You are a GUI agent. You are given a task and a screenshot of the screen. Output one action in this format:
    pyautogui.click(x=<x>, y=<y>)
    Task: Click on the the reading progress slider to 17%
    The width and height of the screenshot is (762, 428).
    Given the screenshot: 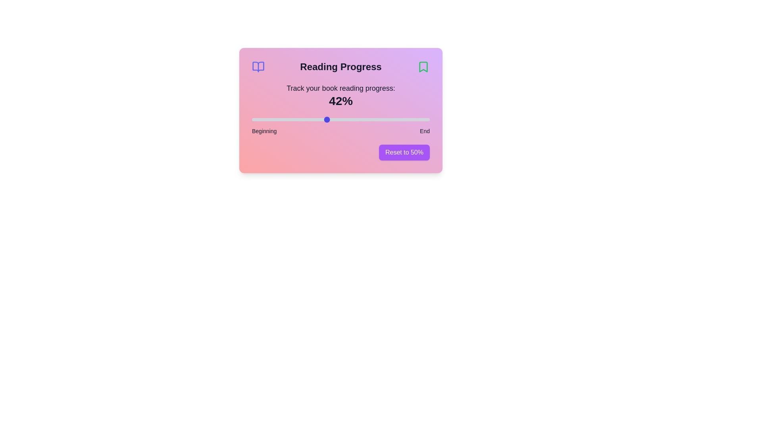 What is the action you would take?
    pyautogui.click(x=282, y=119)
    